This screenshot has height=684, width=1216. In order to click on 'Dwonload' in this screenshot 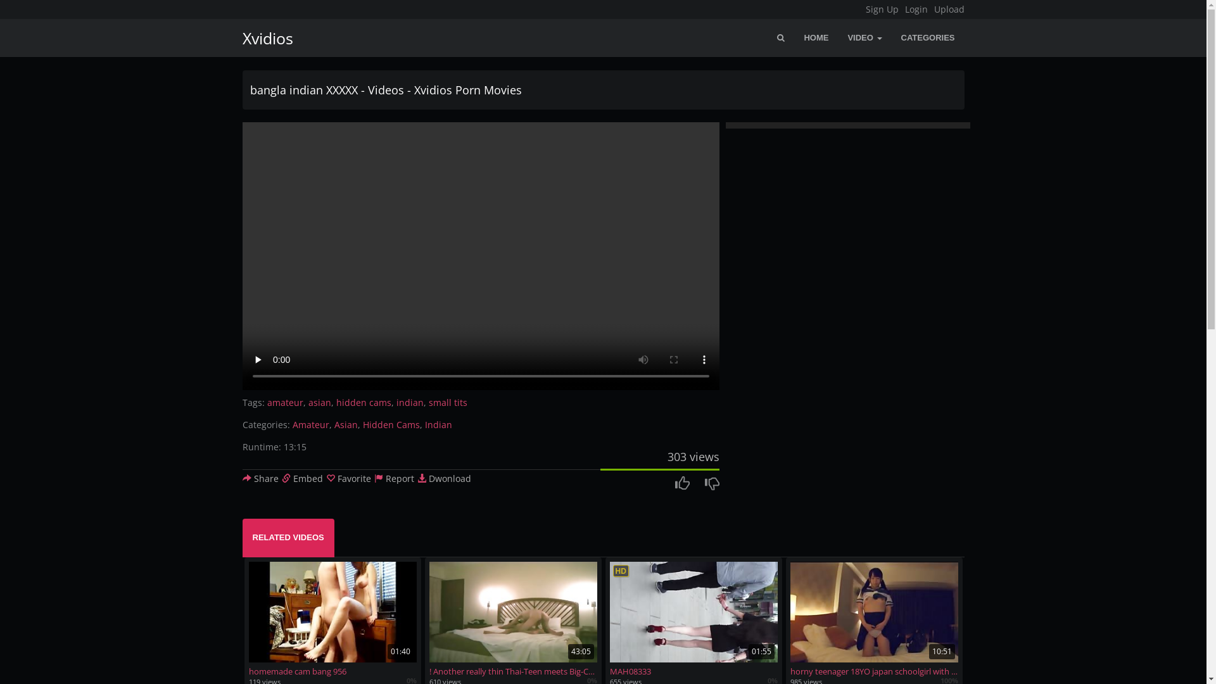, I will do `click(416, 478)`.